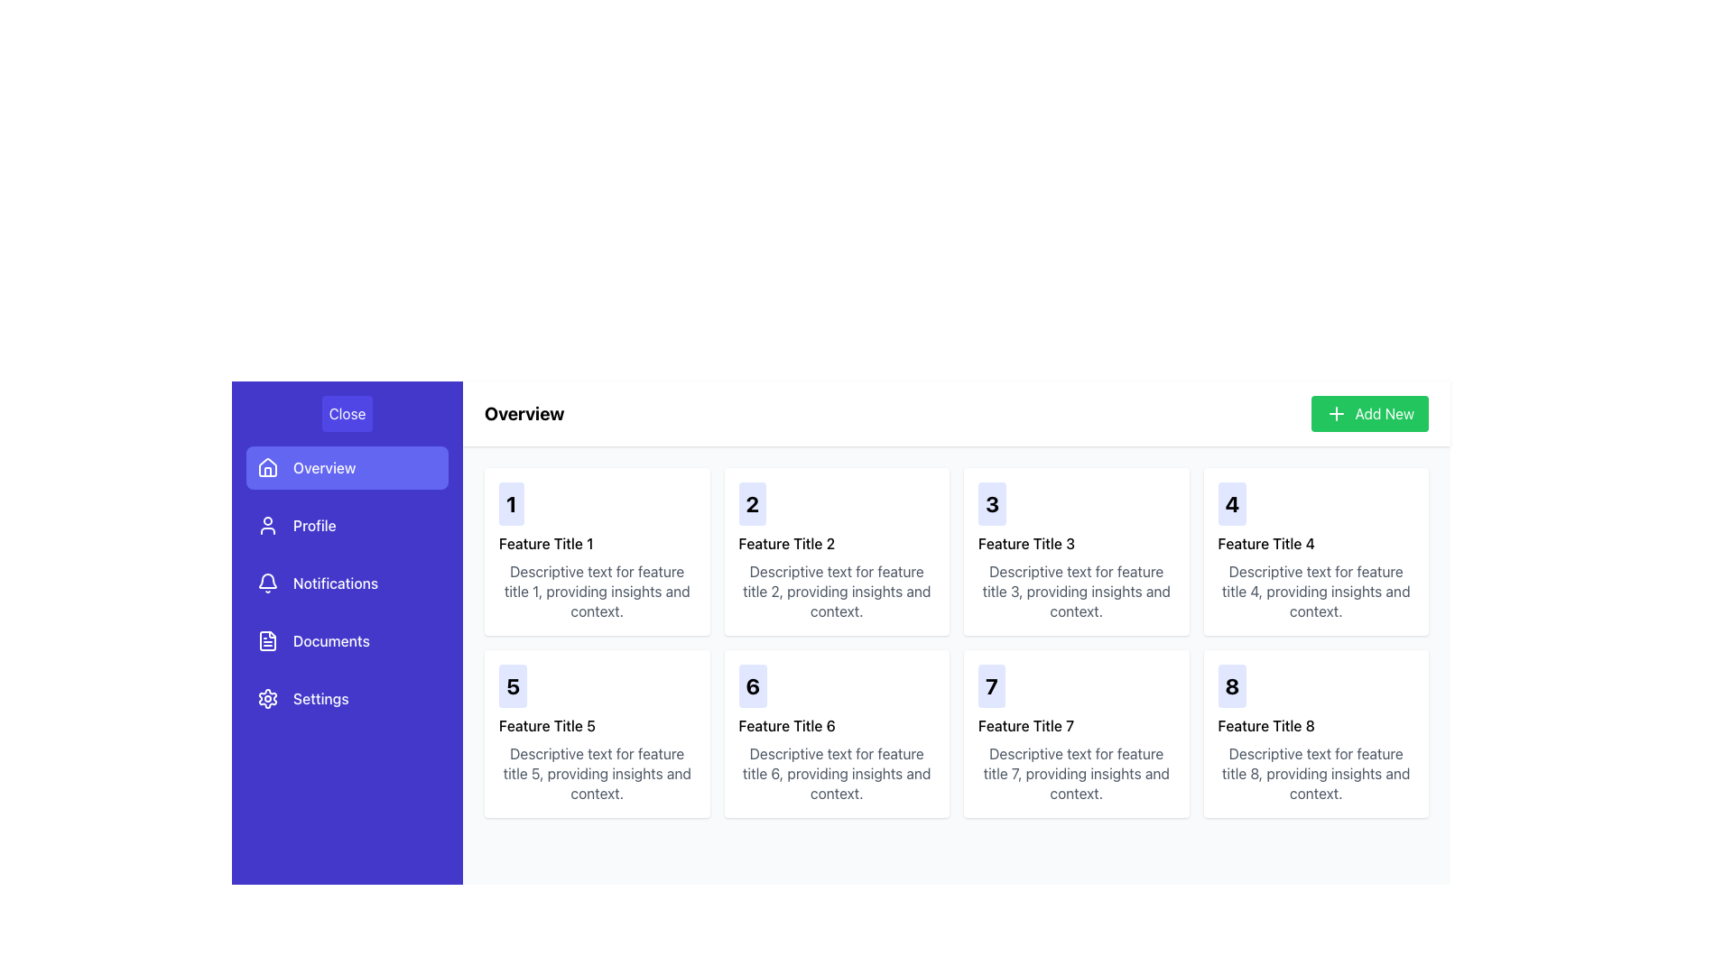 The height and width of the screenshot is (974, 1733). What do you see at coordinates (347, 525) in the screenshot?
I see `the 'Profile' button located in the vertical navigation menu, which is the second item below the 'Overview' button and above the 'Notifications' button` at bounding box center [347, 525].